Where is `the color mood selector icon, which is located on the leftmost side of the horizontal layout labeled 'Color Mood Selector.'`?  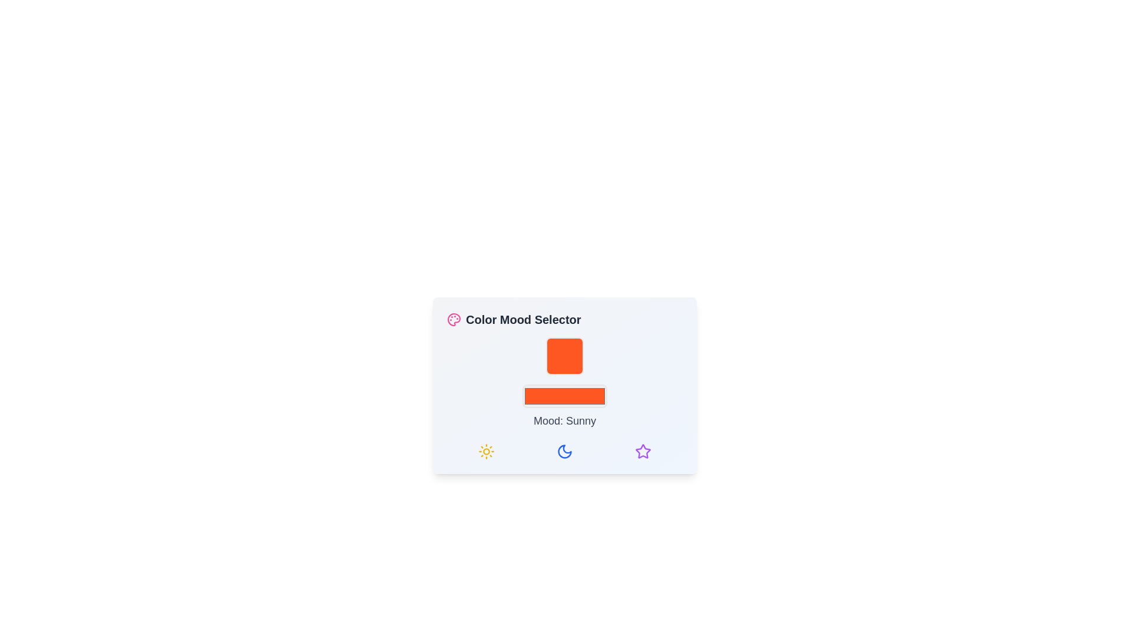 the color mood selector icon, which is located on the leftmost side of the horizontal layout labeled 'Color Mood Selector.' is located at coordinates (454, 320).